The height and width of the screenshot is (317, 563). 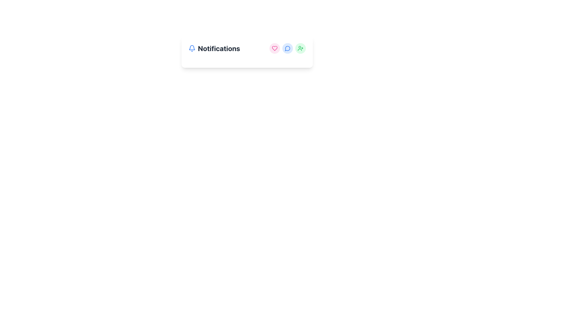 What do you see at coordinates (287, 48) in the screenshot?
I see `the speech bubble icon with a thick blue stroke, which is the third circular button from the left in the top-right section of the interface, representing message or comment functionality` at bounding box center [287, 48].